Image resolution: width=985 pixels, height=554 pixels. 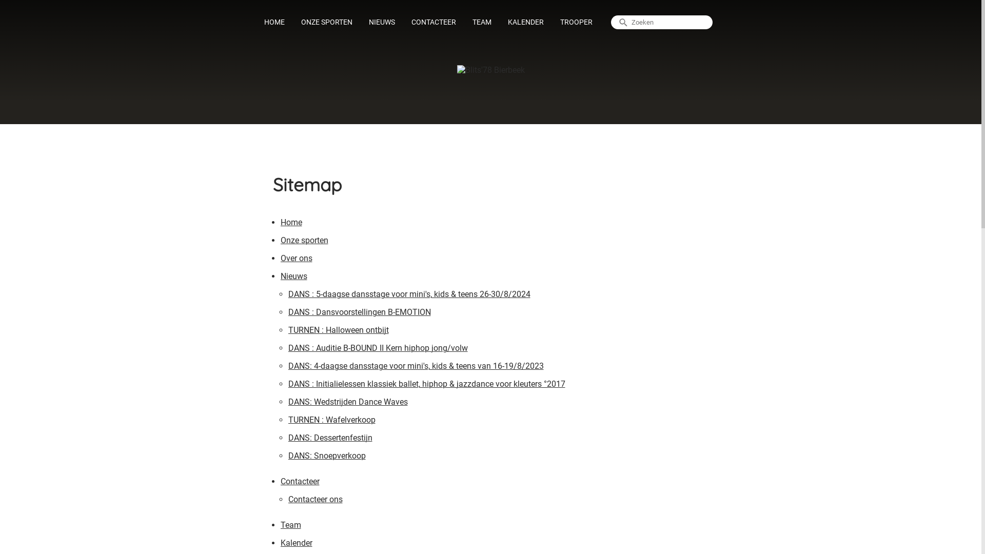 I want to click on 'DANS : Dansvoorstellingen B-EMOTION', so click(x=359, y=313).